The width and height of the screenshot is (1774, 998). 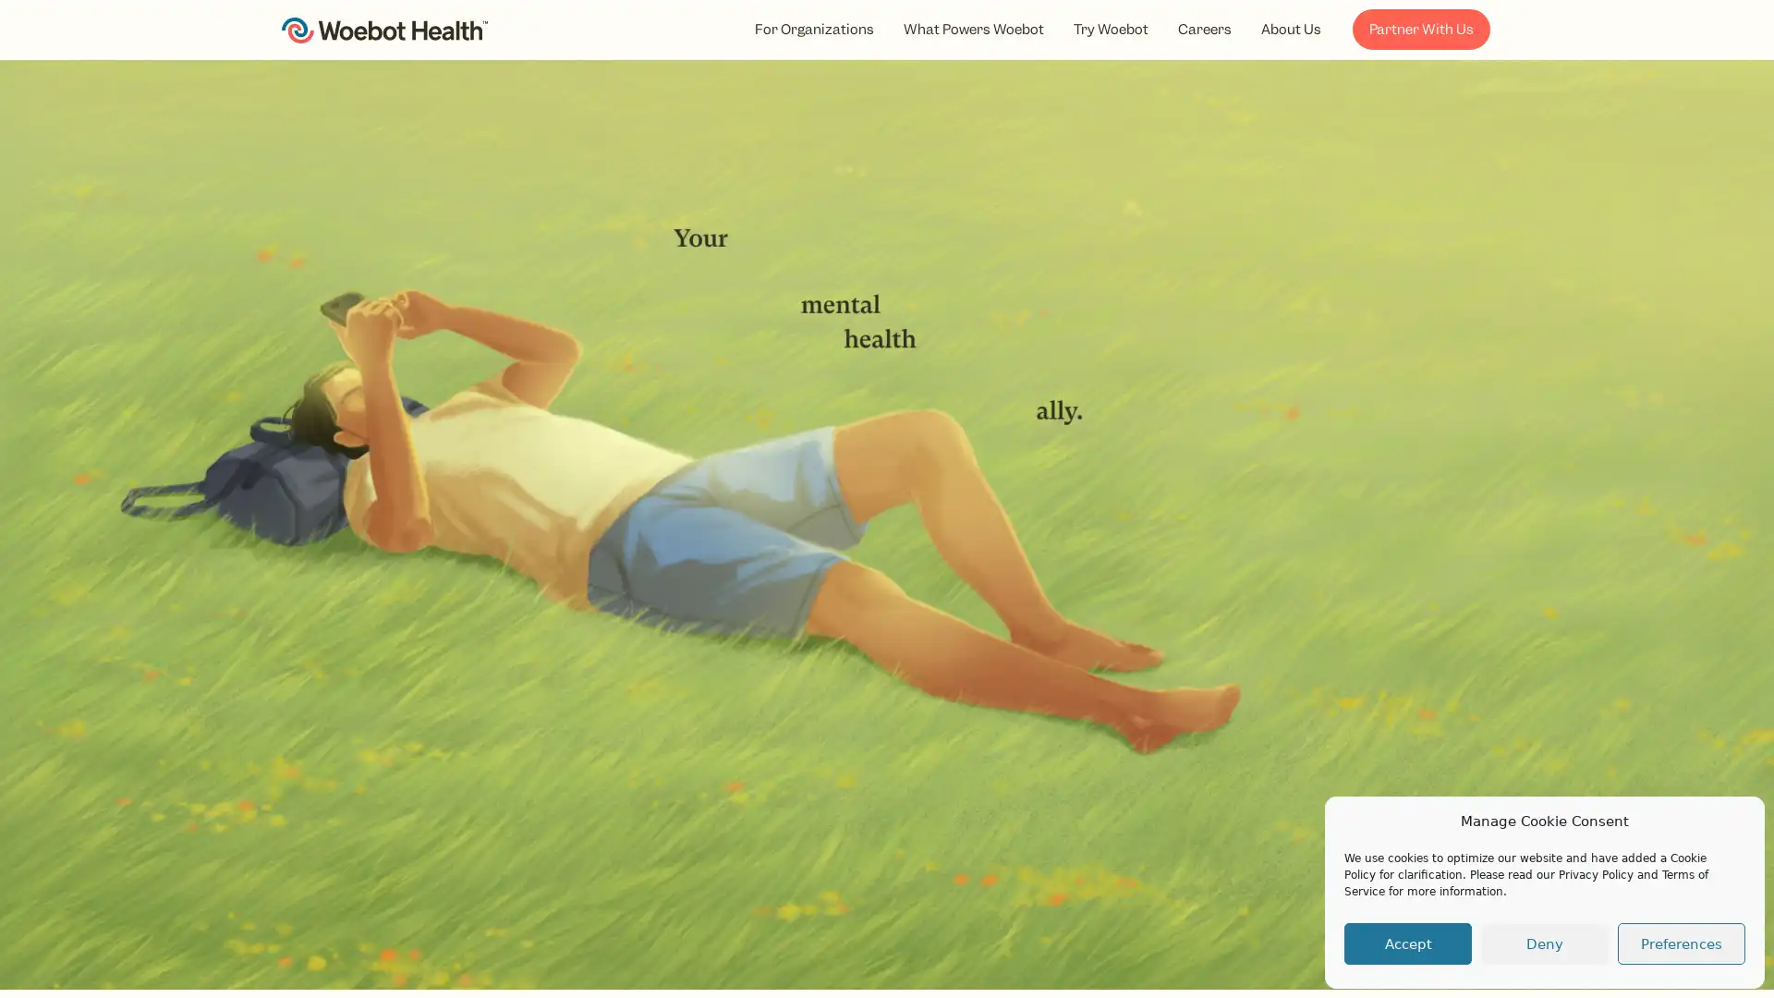 I want to click on Deny, so click(x=1544, y=943).